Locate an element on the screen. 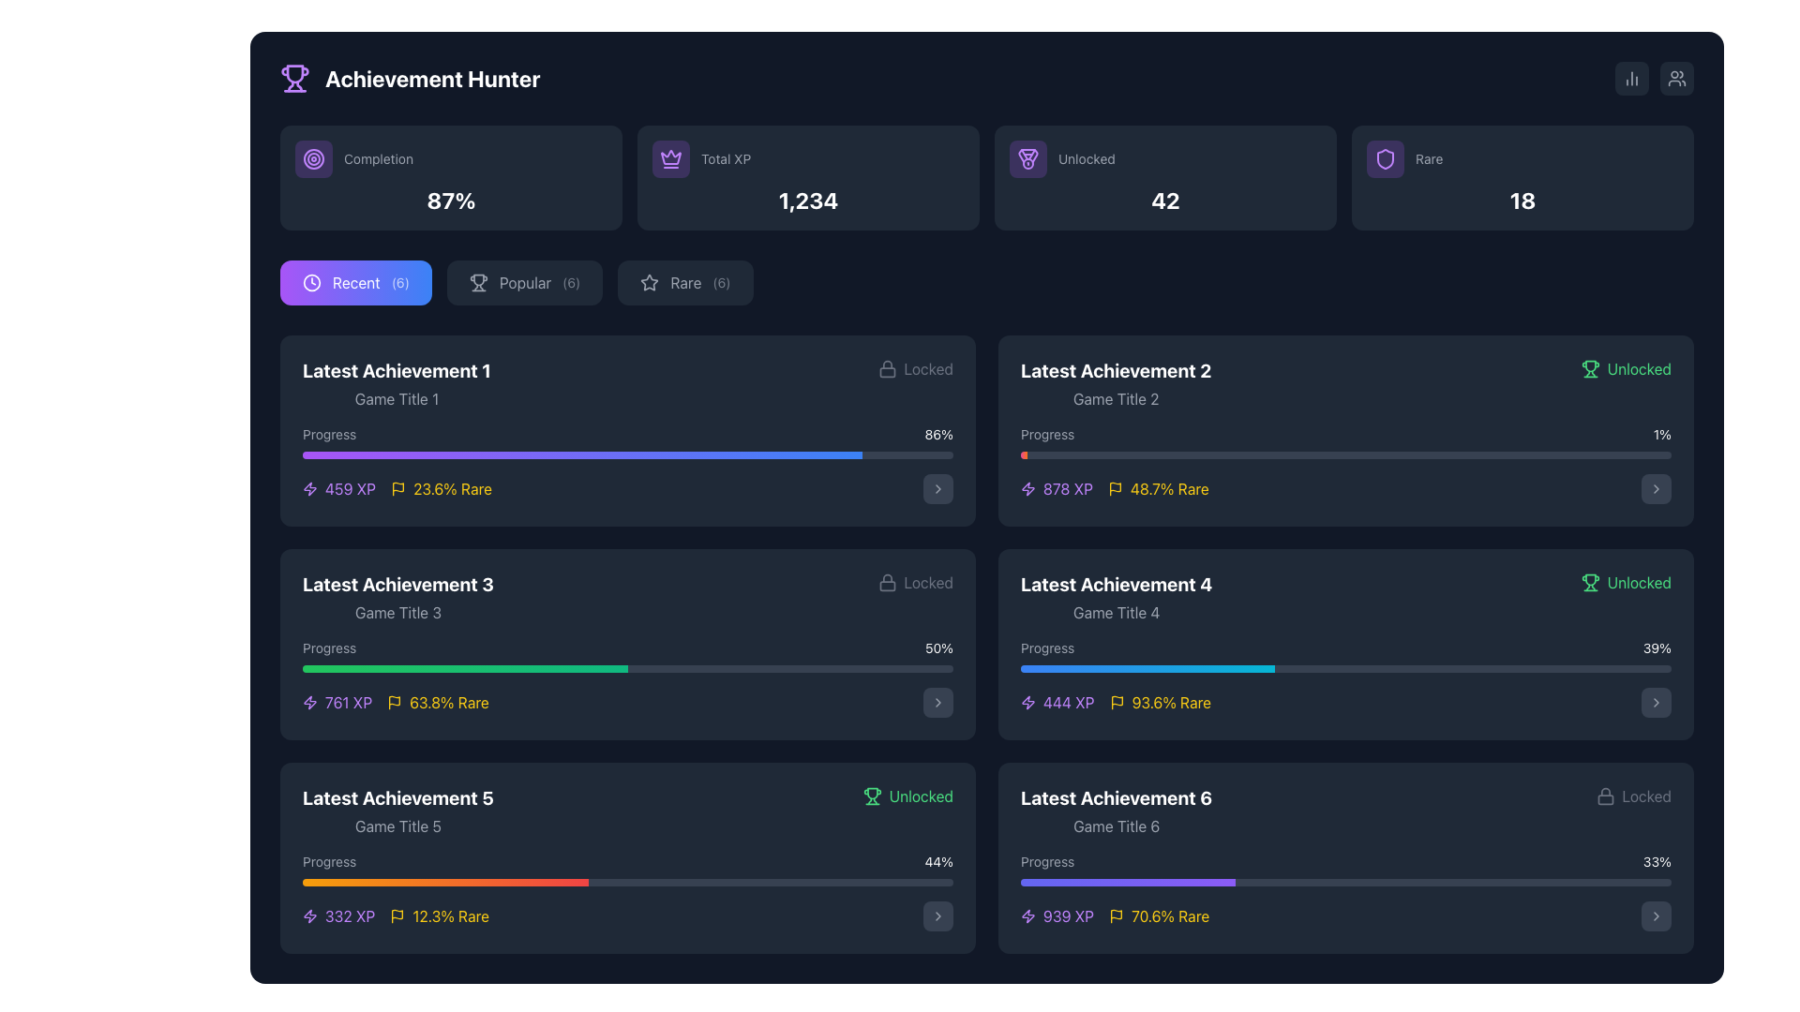 This screenshot has width=1800, height=1012. the icon representing the sixth most recent achievement, which visually indicates a rarity status and is positioned next to the text '70.6% Rare' is located at coordinates (1116, 915).